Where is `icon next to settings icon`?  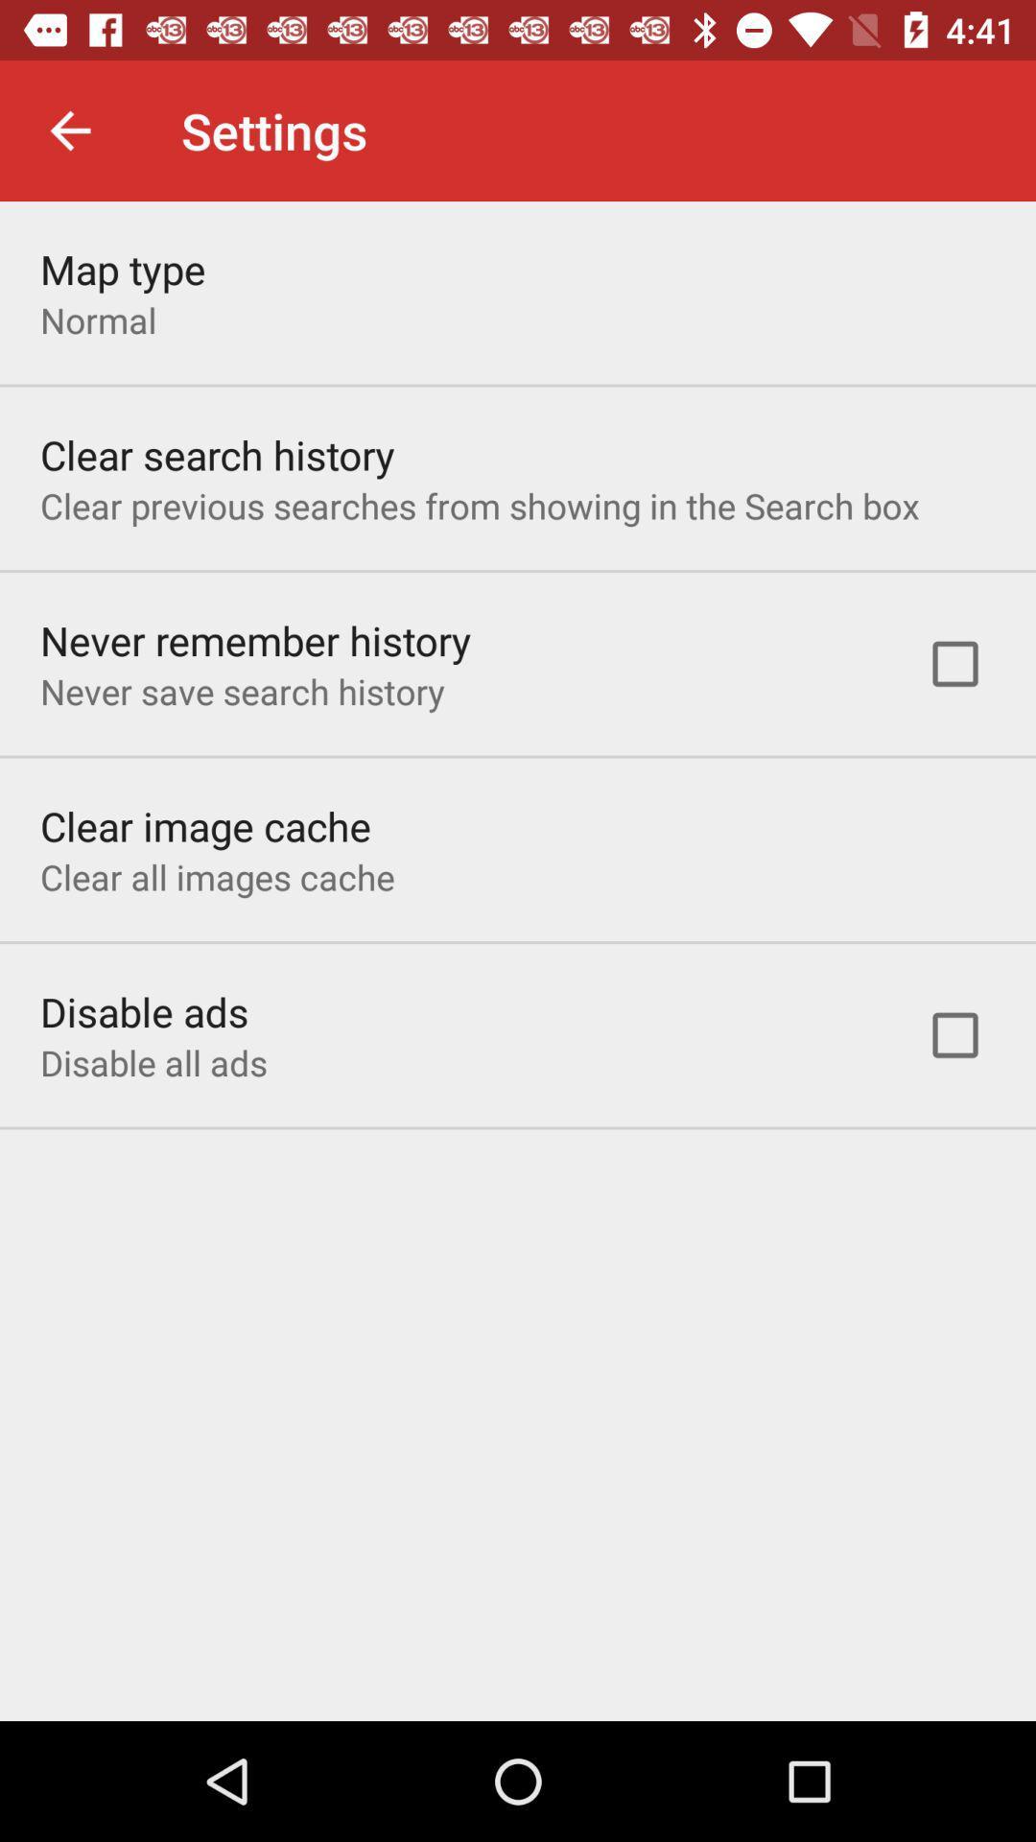 icon next to settings icon is located at coordinates (69, 130).